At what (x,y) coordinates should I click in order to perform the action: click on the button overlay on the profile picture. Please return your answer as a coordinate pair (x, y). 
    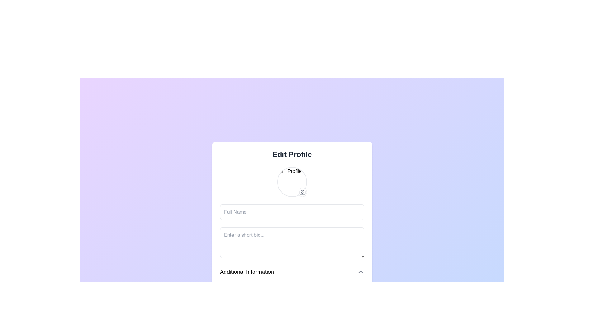
    Looking at the image, I should click on (302, 192).